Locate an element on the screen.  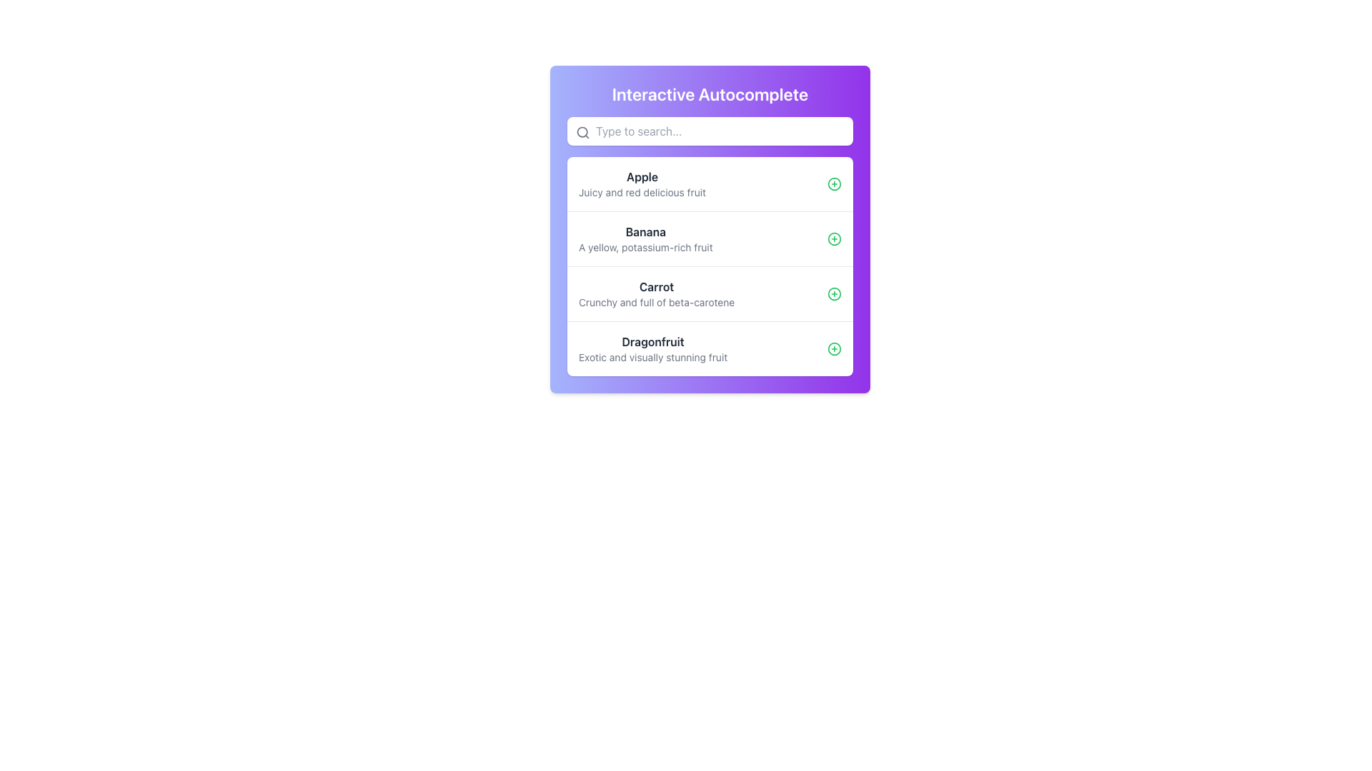
the decorative circular SVG element inside the search icon located on the left side of the input field labeled 'Type to search...' is located at coordinates (582, 132).